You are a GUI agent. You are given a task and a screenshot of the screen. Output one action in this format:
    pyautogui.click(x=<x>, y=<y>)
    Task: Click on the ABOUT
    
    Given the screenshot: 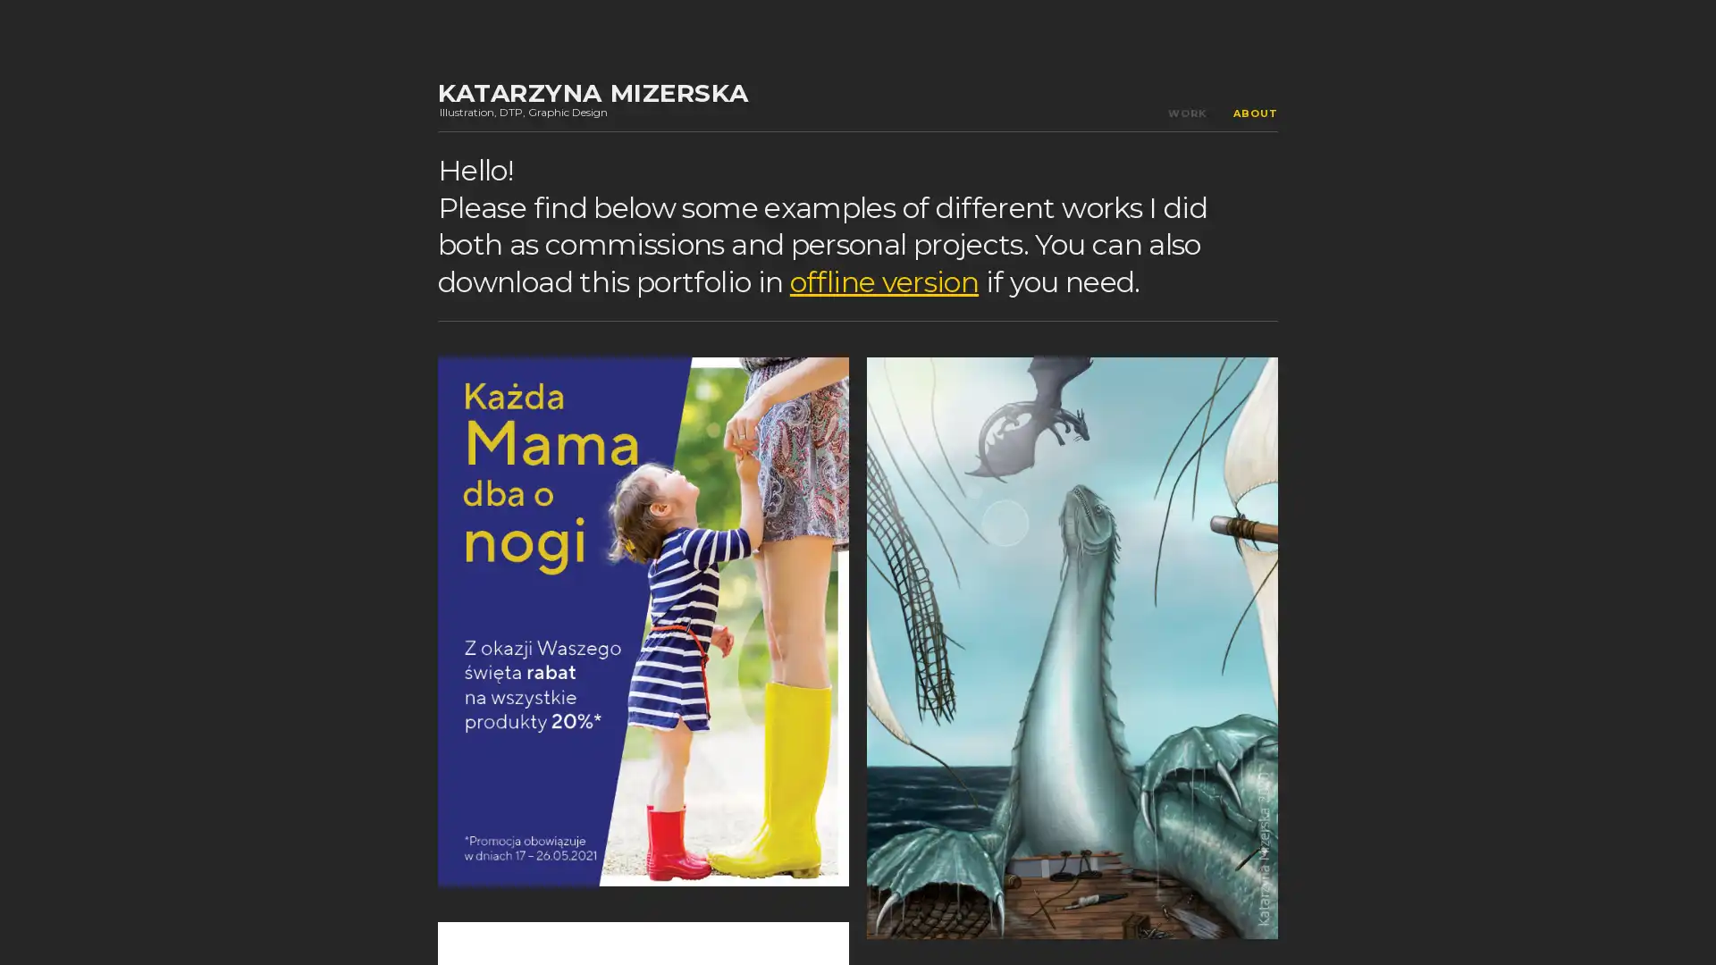 What is the action you would take?
    pyautogui.click(x=1255, y=113)
    